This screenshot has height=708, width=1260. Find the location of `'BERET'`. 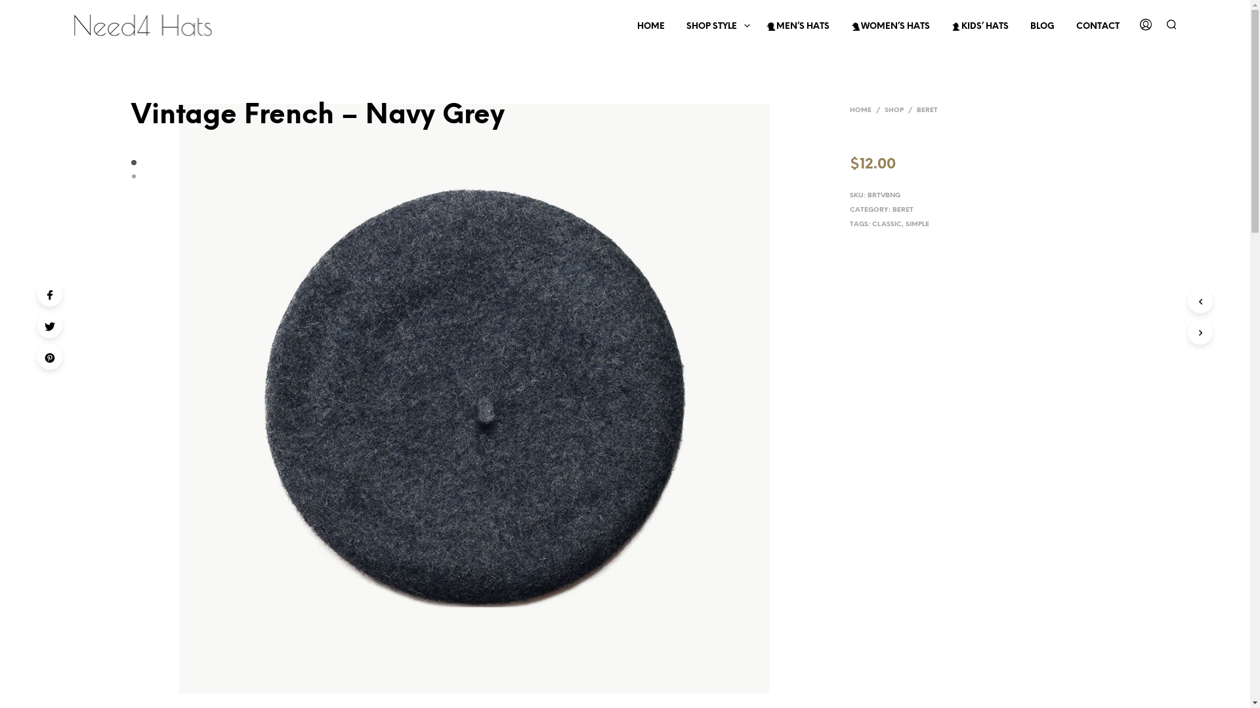

'BERET' is located at coordinates (926, 109).